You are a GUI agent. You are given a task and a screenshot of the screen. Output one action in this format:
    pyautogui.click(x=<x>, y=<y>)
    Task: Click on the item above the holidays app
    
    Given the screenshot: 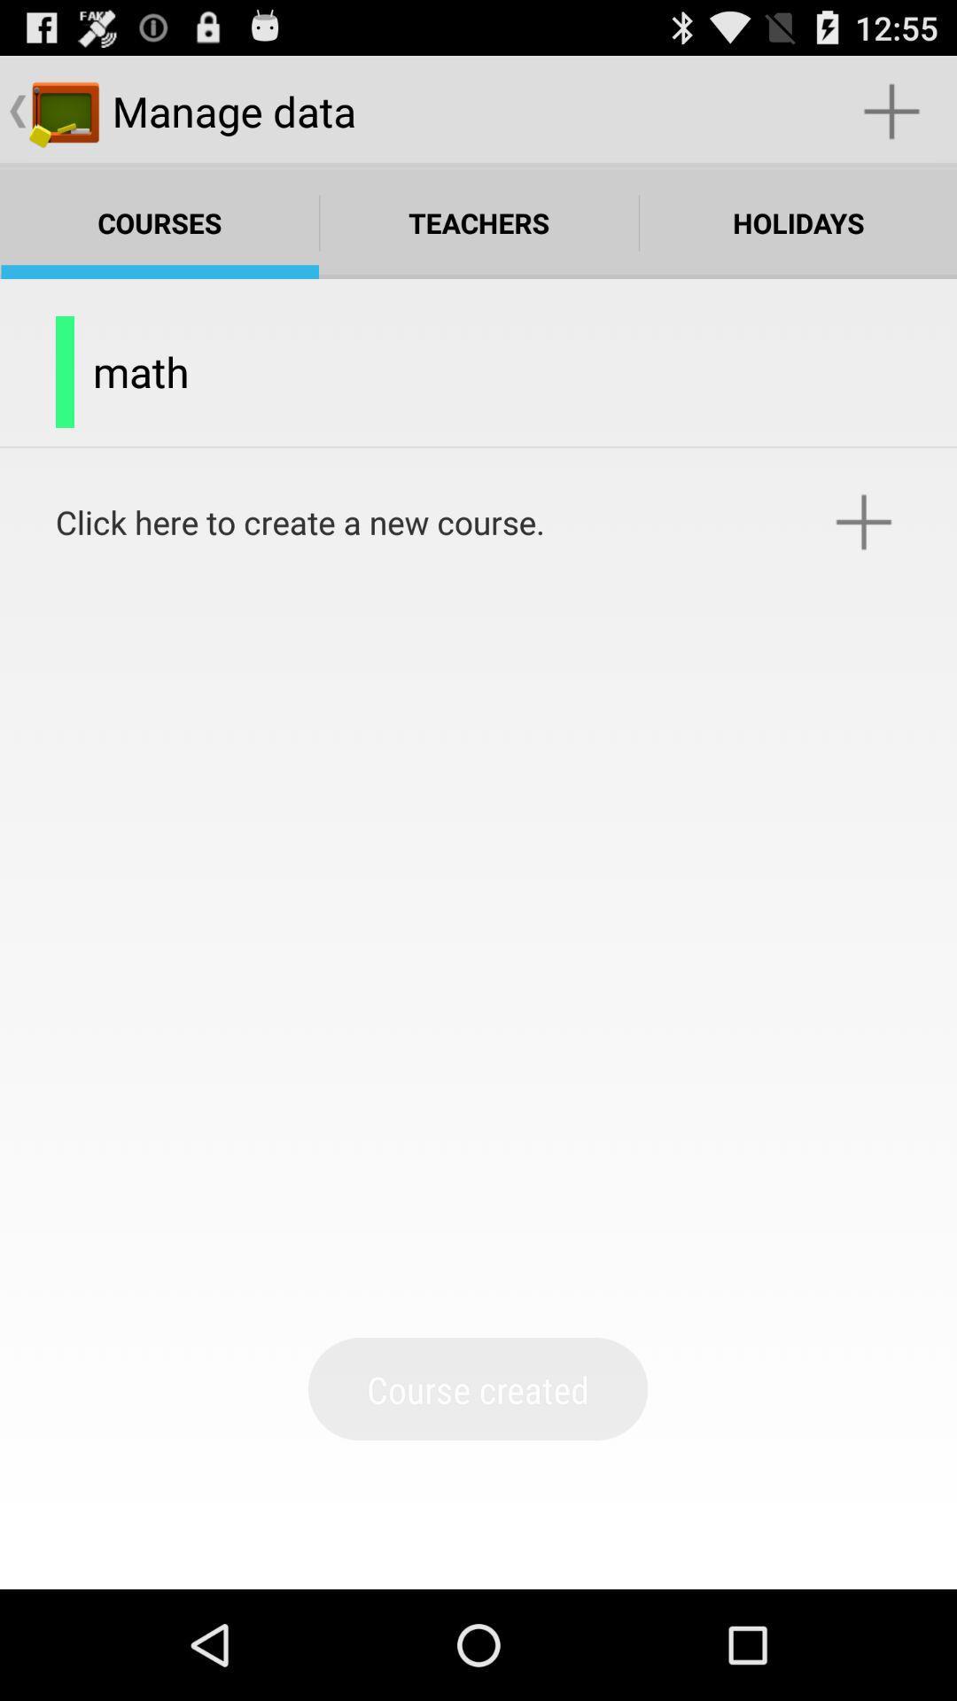 What is the action you would take?
    pyautogui.click(x=891, y=110)
    